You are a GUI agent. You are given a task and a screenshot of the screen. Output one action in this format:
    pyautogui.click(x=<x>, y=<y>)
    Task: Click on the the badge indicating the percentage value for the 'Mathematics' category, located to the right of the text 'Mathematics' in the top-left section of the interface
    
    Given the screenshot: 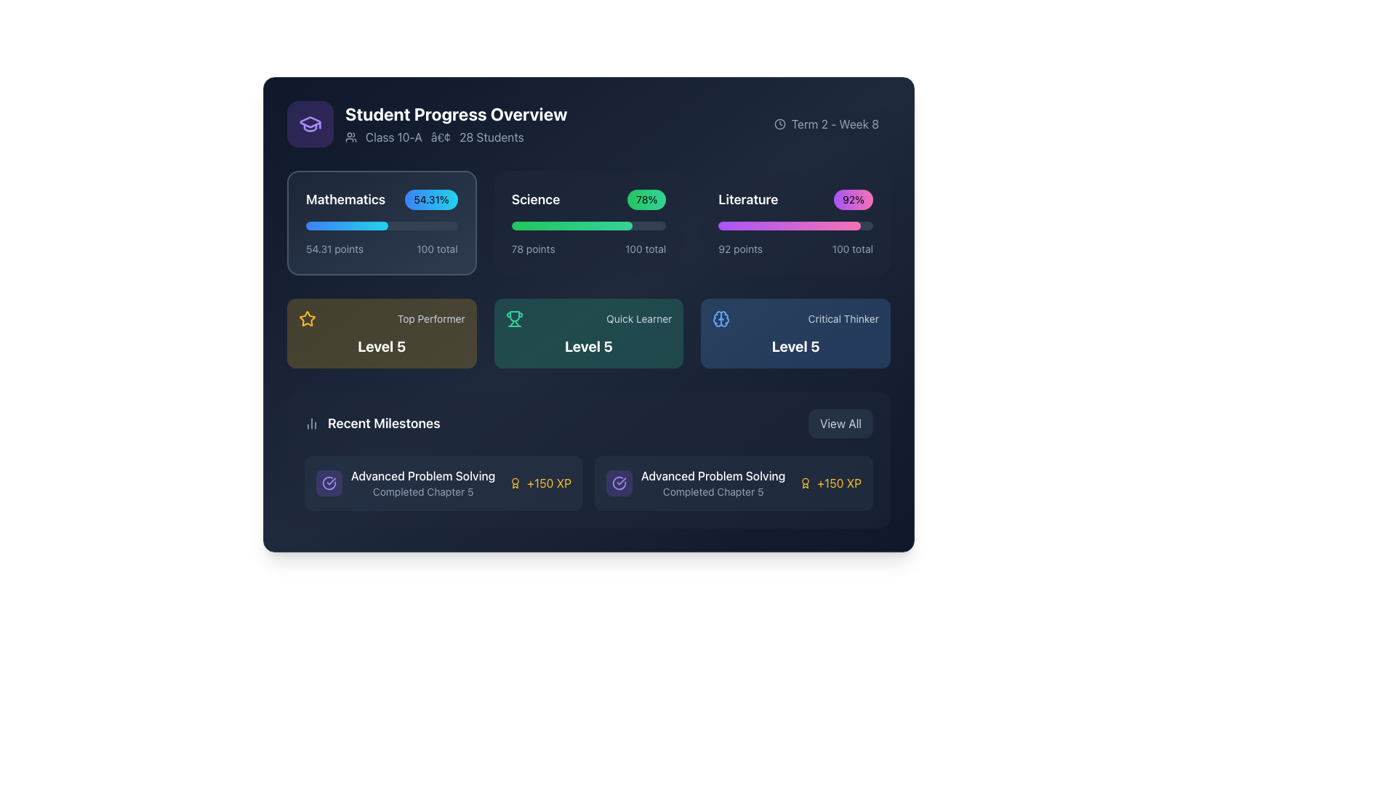 What is the action you would take?
    pyautogui.click(x=430, y=199)
    